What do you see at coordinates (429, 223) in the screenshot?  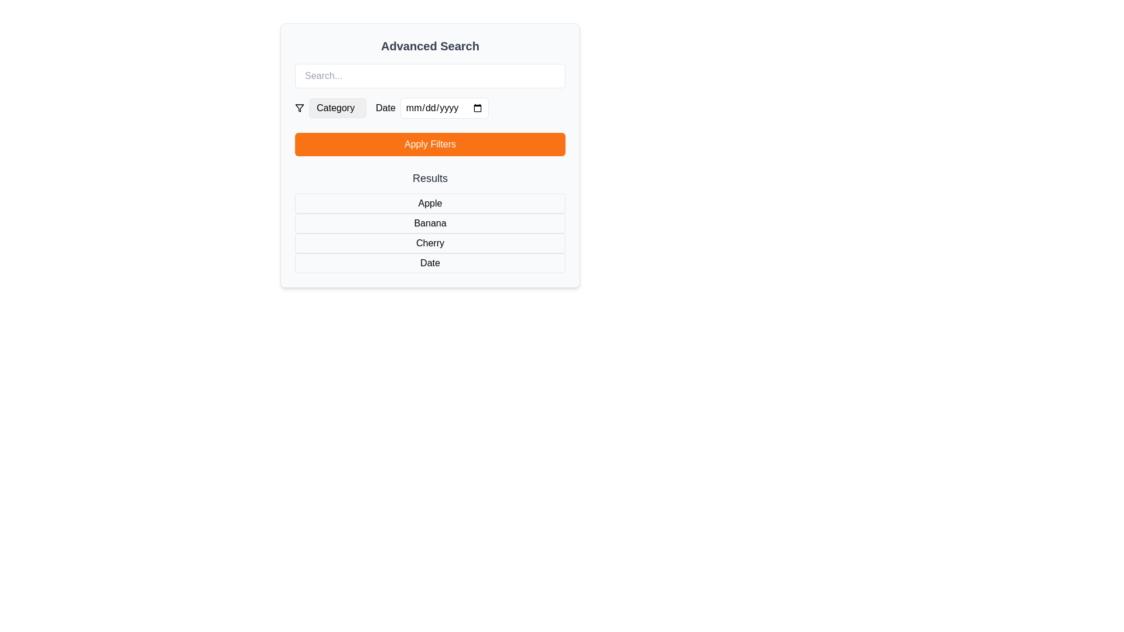 I see `the 'Banana' text label, which is styled in a simple font and located in the 'Results' section beneath the 'Apply Filters' button` at bounding box center [429, 223].